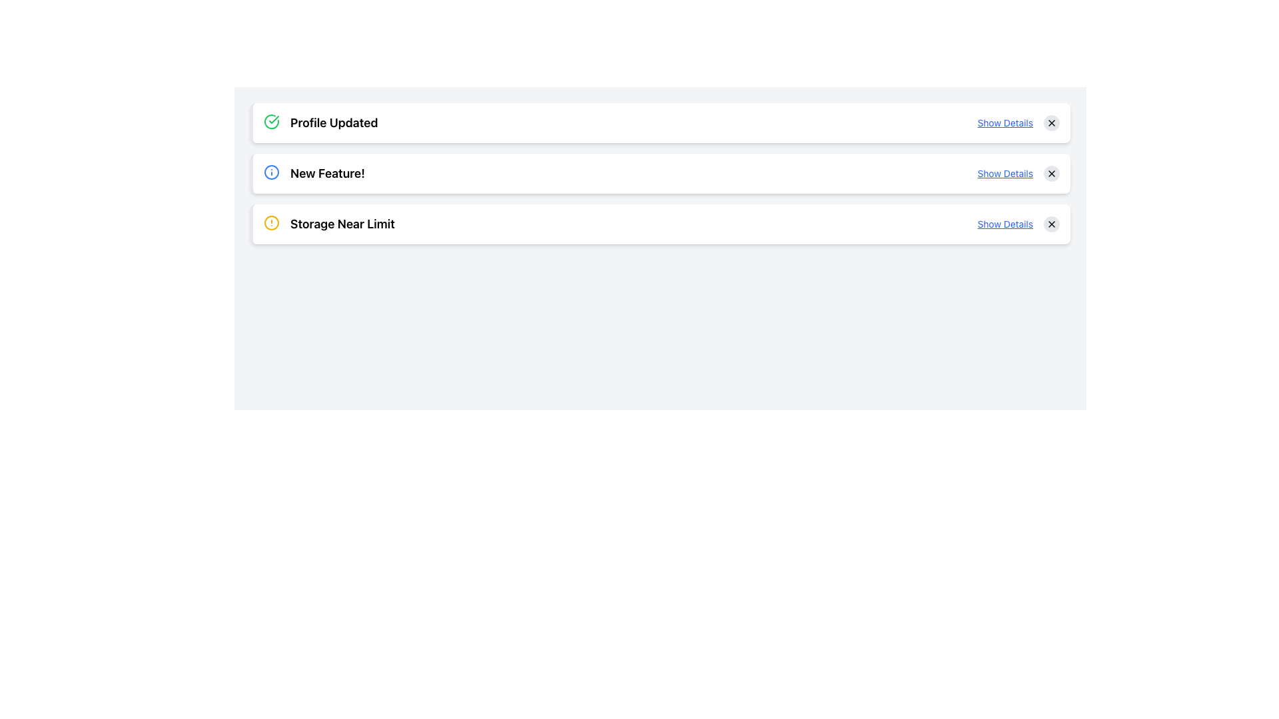  I want to click on the 'x' icon, so click(1051, 173).